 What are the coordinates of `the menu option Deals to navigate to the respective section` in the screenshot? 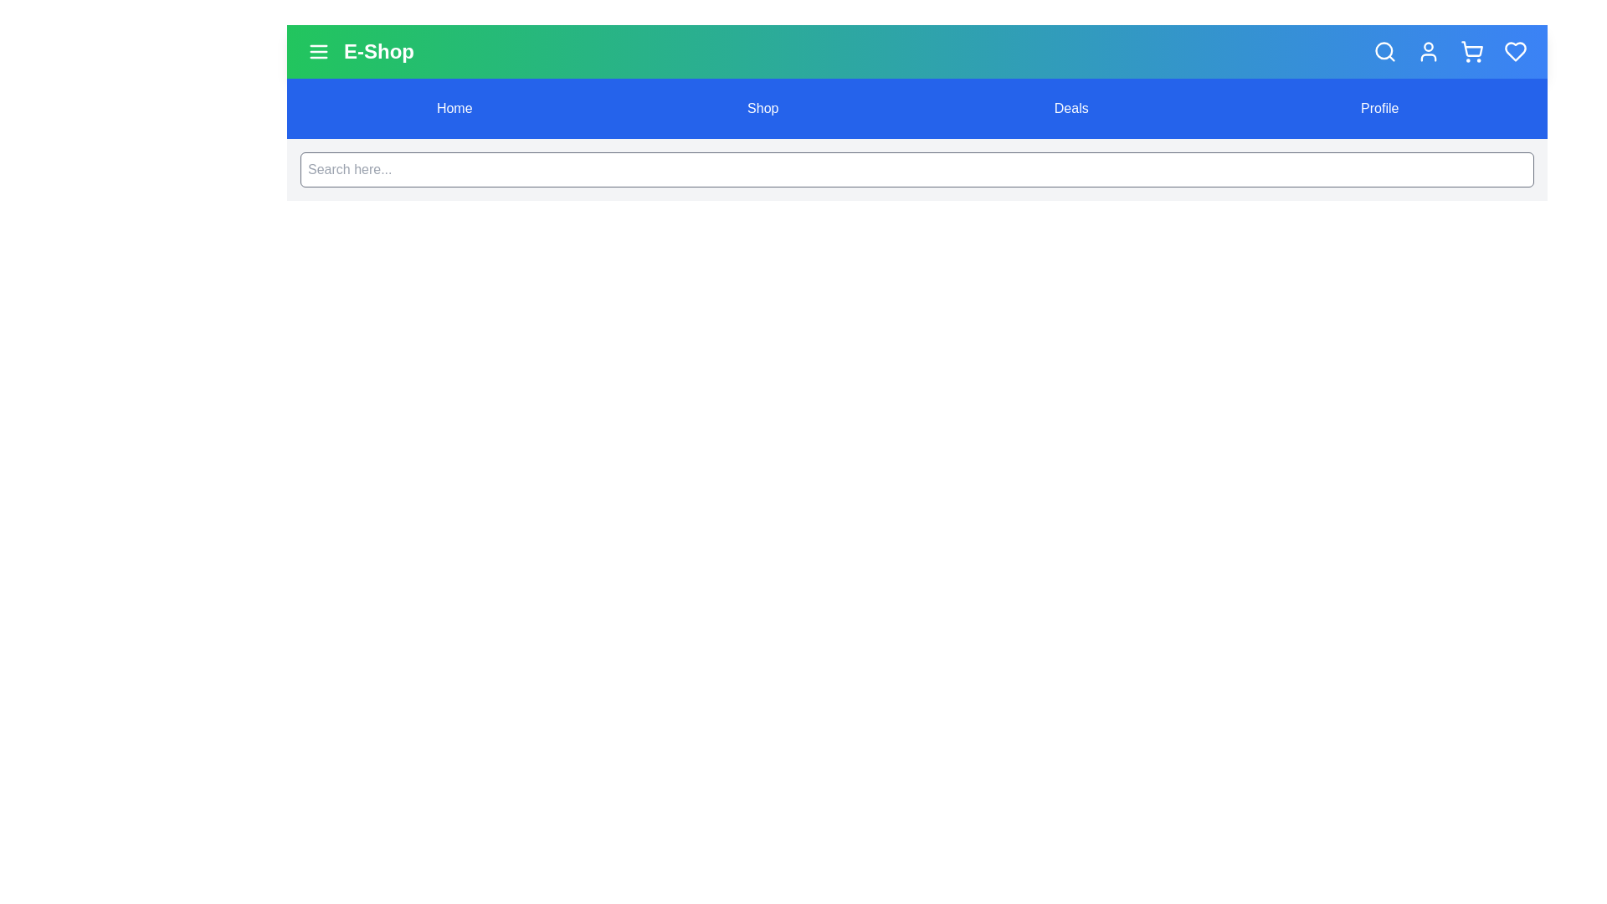 It's located at (1071, 109).